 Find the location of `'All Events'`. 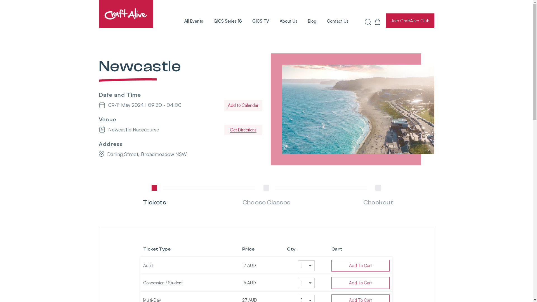

'All Events' is located at coordinates (180, 21).